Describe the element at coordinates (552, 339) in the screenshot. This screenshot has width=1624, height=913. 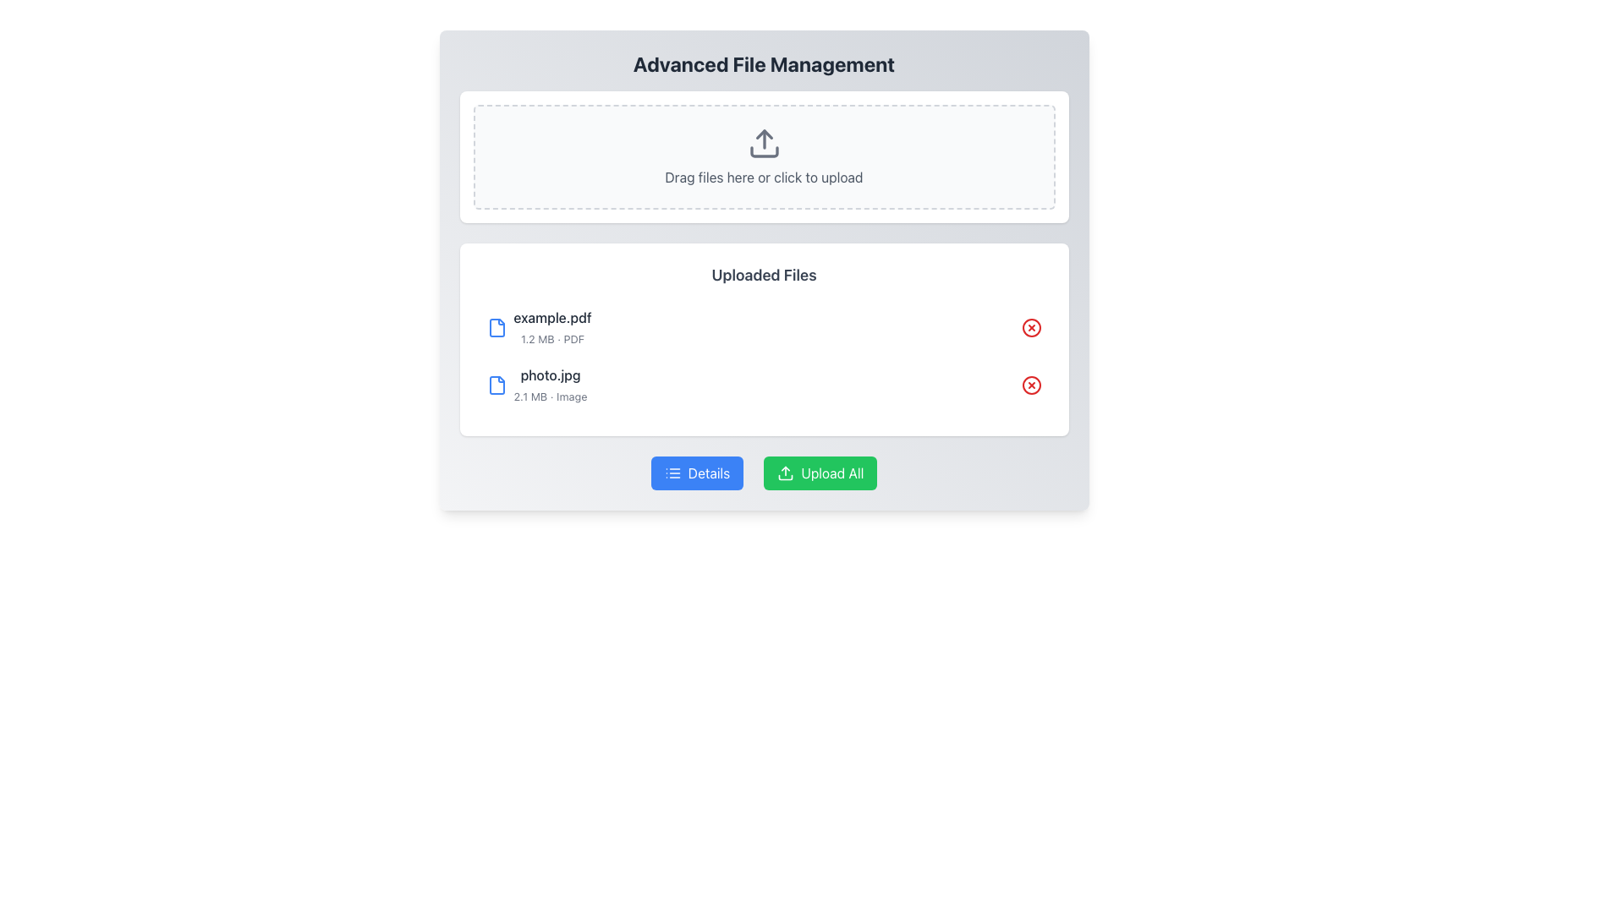
I see `information displayed in the text label showing '1.2 MB · PDF' located below the file name 'example.pdf' in the 'Uploaded Files' section` at that location.